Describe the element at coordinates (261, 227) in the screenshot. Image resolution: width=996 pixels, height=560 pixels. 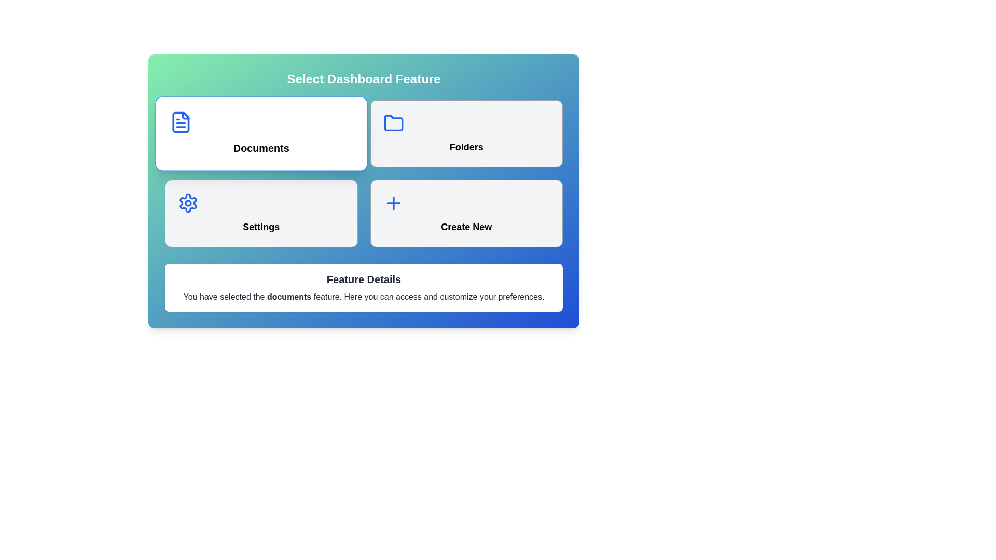
I see `text on the 'Settings' label, which is bold and located in the second row, first column of the dashboard grid layout beneath a blue gear icon` at that location.